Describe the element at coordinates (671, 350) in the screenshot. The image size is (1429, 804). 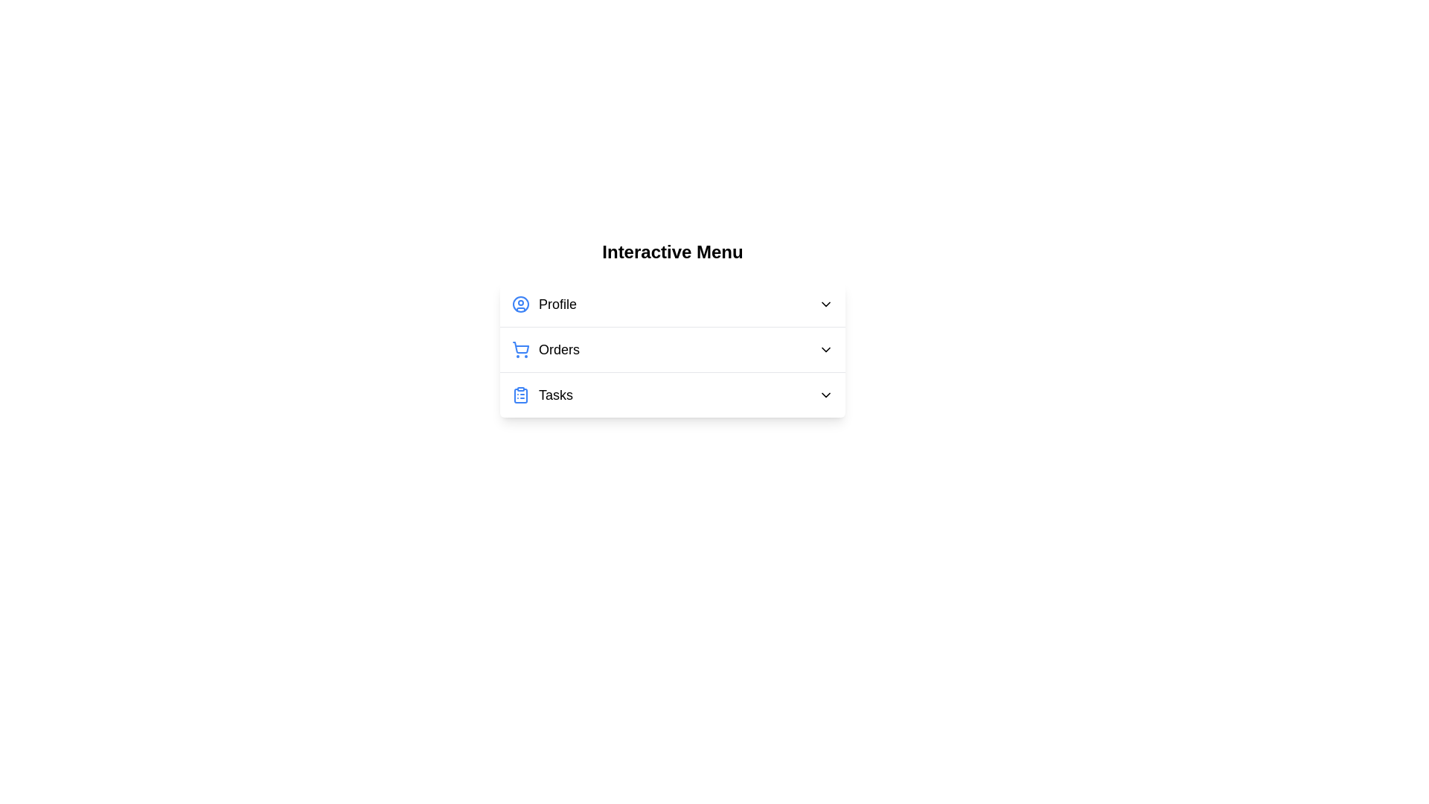
I see `the dropdown menu button located between the 'Profile' and 'Tasks' items` at that location.